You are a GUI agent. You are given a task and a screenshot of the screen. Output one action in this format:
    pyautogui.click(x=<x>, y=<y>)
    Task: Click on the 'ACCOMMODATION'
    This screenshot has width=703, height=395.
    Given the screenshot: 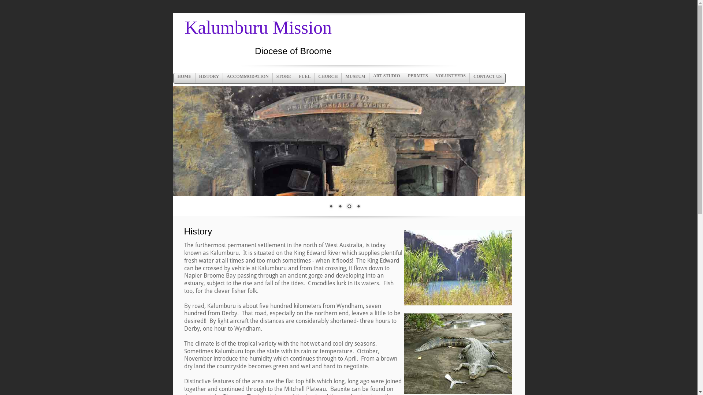 What is the action you would take?
    pyautogui.click(x=247, y=78)
    